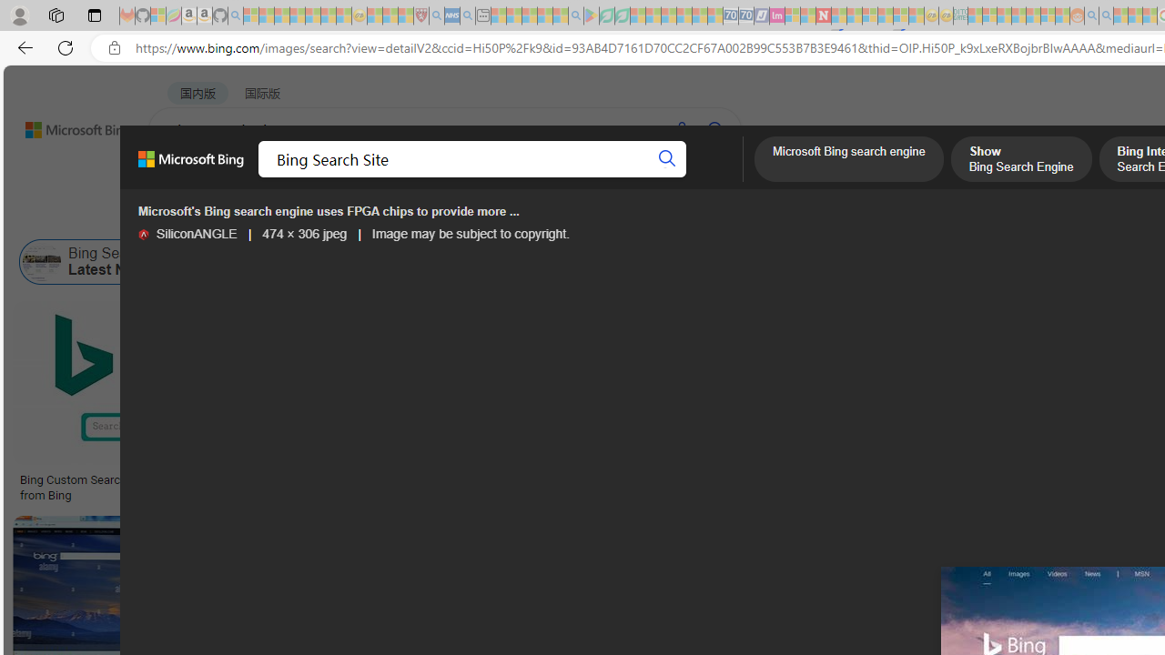 The height and width of the screenshot is (655, 1165). I want to click on 'SiliconANGLE SiliconANGLE', so click(187, 233).